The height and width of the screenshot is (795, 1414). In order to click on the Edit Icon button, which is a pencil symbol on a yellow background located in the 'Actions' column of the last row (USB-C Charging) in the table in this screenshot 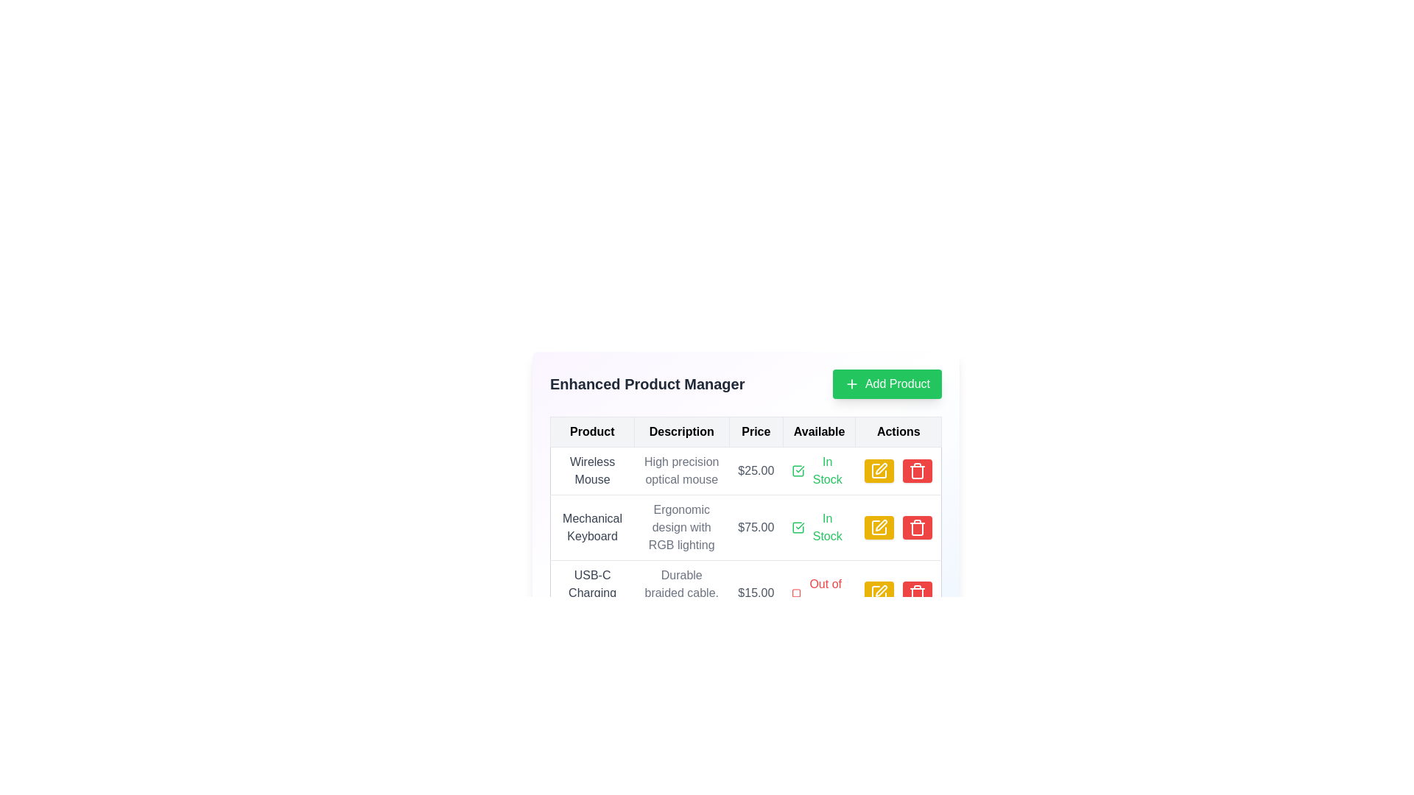, I will do `click(879, 593)`.